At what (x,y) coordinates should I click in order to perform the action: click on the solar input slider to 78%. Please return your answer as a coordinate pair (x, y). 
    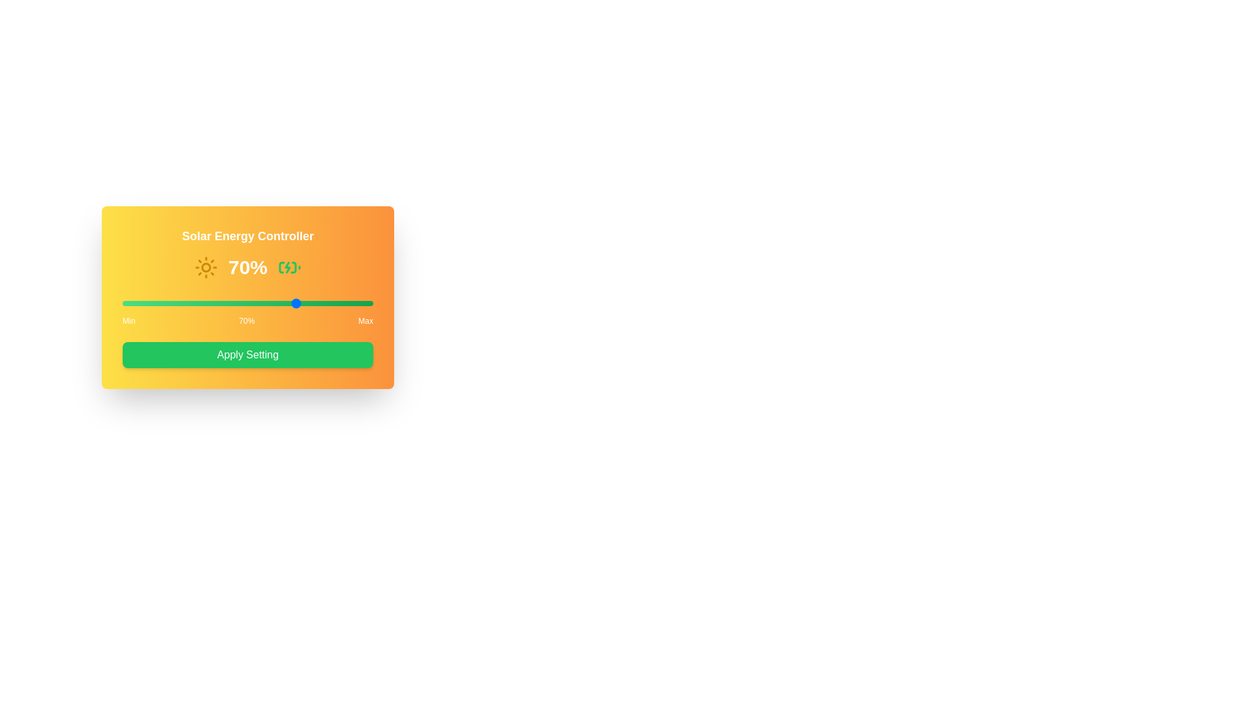
    Looking at the image, I should click on (318, 304).